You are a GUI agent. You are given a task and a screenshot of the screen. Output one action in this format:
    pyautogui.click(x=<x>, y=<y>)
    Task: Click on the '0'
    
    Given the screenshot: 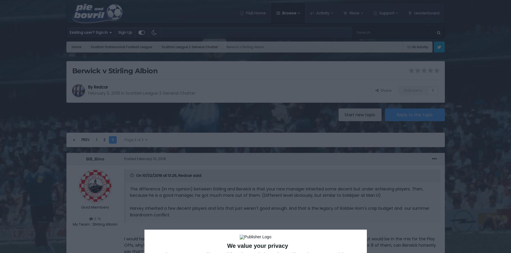 What is the action you would take?
    pyautogui.click(x=432, y=90)
    